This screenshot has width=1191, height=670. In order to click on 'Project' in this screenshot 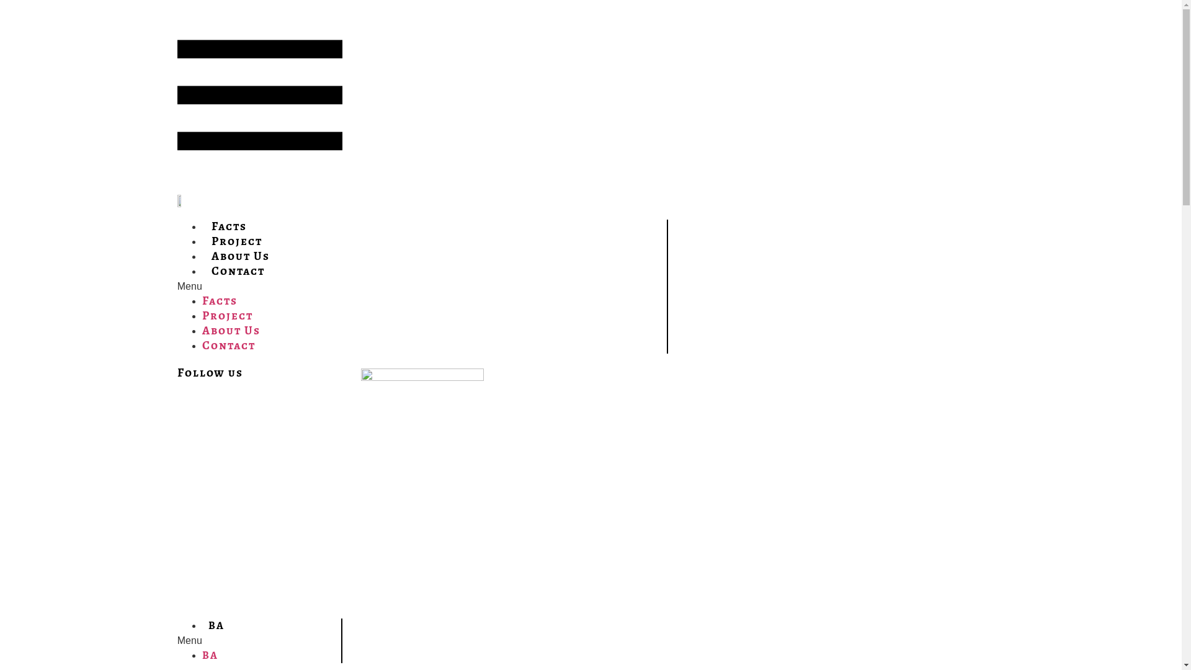, I will do `click(227, 315)`.